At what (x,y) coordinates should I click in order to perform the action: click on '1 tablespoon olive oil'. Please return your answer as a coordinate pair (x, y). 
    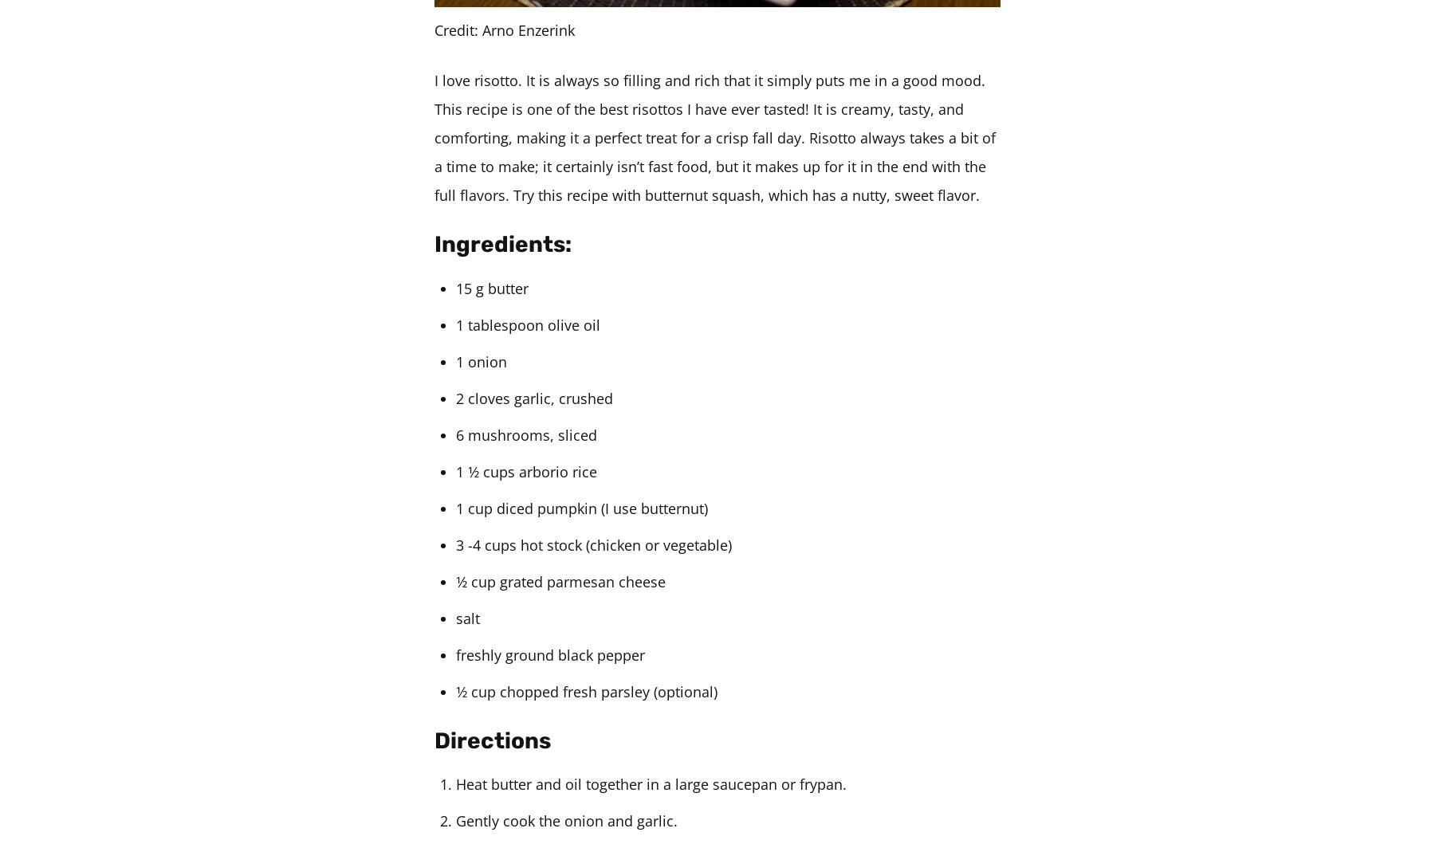
    Looking at the image, I should click on (528, 323).